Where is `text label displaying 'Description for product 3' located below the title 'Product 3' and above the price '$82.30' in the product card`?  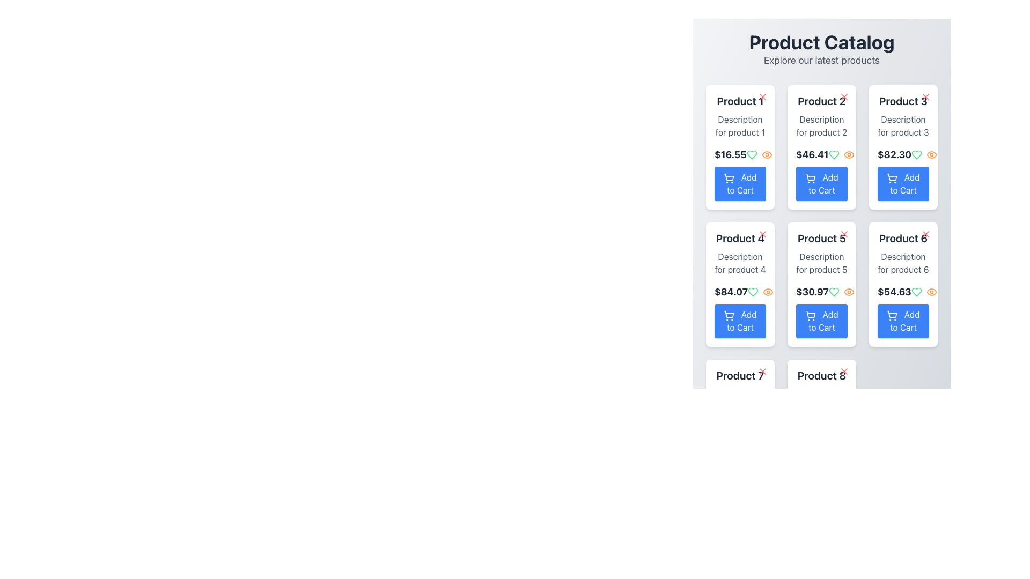 text label displaying 'Description for product 3' located below the title 'Product 3' and above the price '$82.30' in the product card is located at coordinates (903, 125).